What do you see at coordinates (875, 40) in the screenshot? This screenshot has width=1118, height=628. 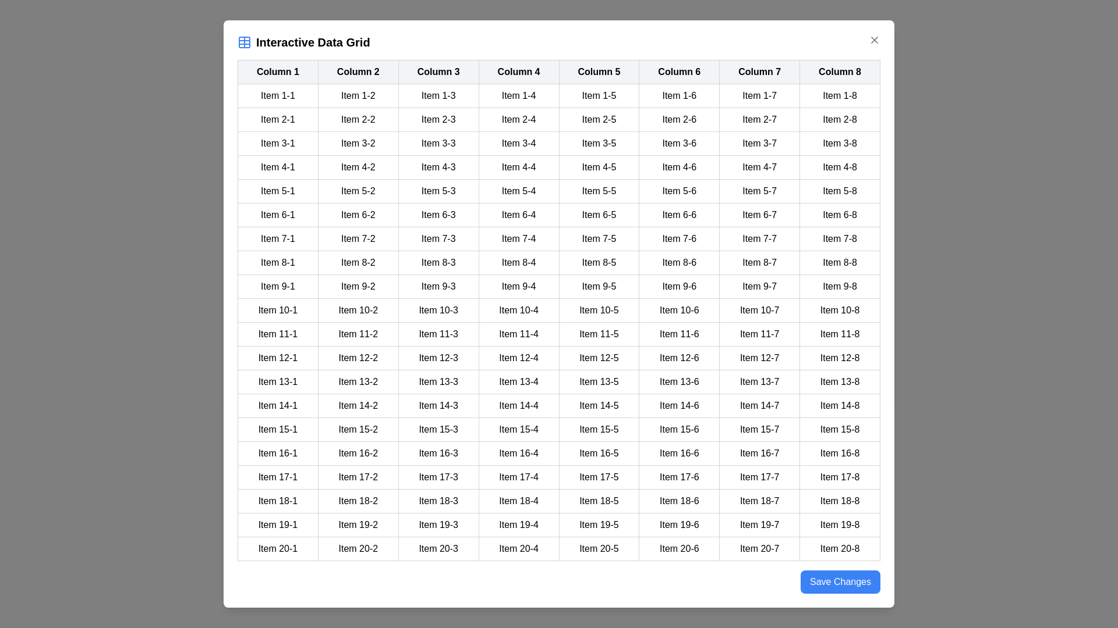 I see `the close button to close the dialog` at bounding box center [875, 40].